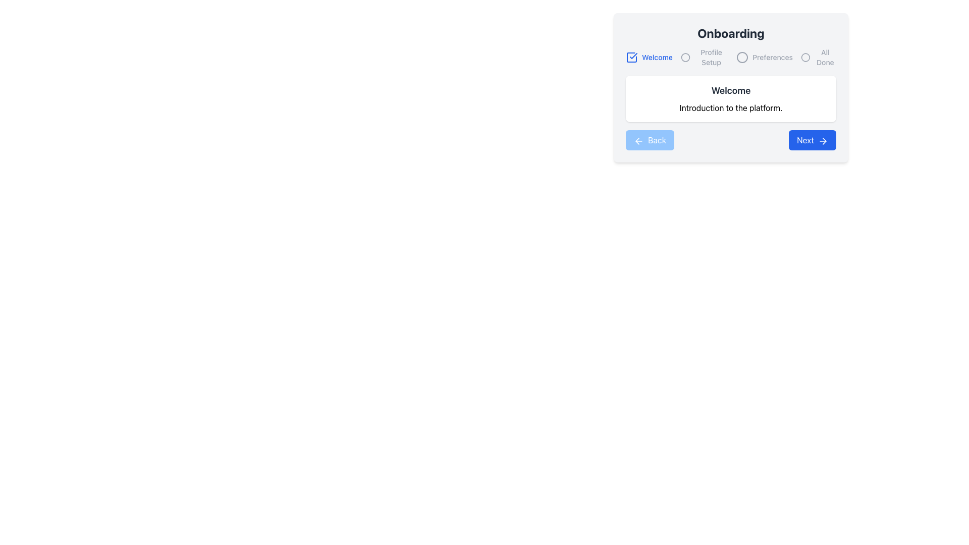 The image size is (969, 545). Describe the element at coordinates (731, 107) in the screenshot. I see `the descriptive text element located at the center of the 'Welcome' card, which explains the card's purpose in the onboarding interface` at that location.